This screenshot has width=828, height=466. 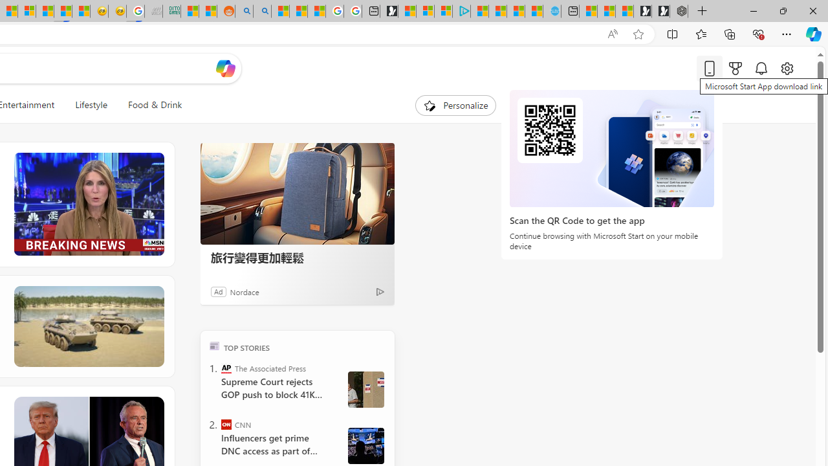 I want to click on 'CNN', so click(x=226, y=424).